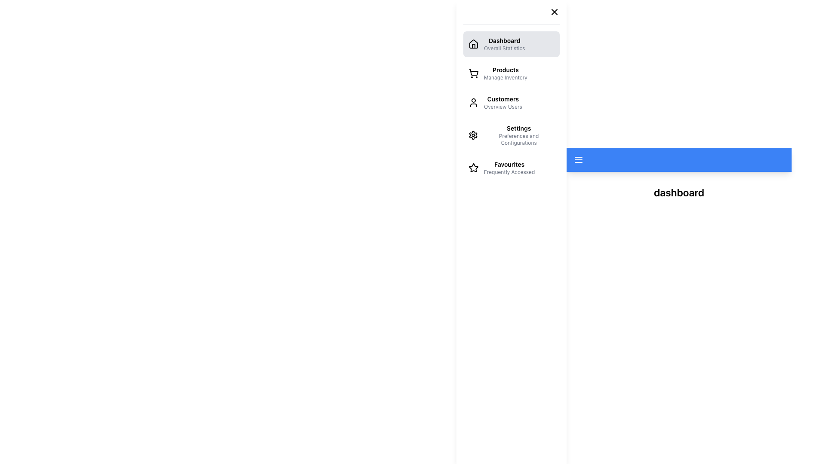  I want to click on 'Settings' text label which is the fourth entry in the vertical menu on the left side of the interface, consisting of a bold 'Settings' title and a gray subtitle 'Preferences and Configurations', so click(518, 135).